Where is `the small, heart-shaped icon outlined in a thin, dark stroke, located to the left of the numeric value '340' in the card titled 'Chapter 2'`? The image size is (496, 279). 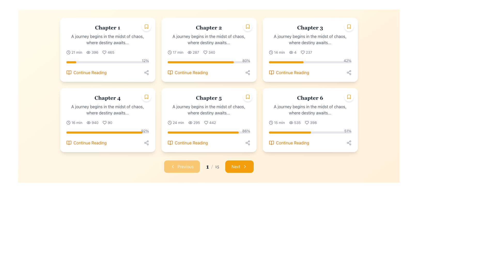 the small, heart-shaped icon outlined in a thin, dark stroke, located to the left of the numeric value '340' in the card titled 'Chapter 2' is located at coordinates (205, 52).